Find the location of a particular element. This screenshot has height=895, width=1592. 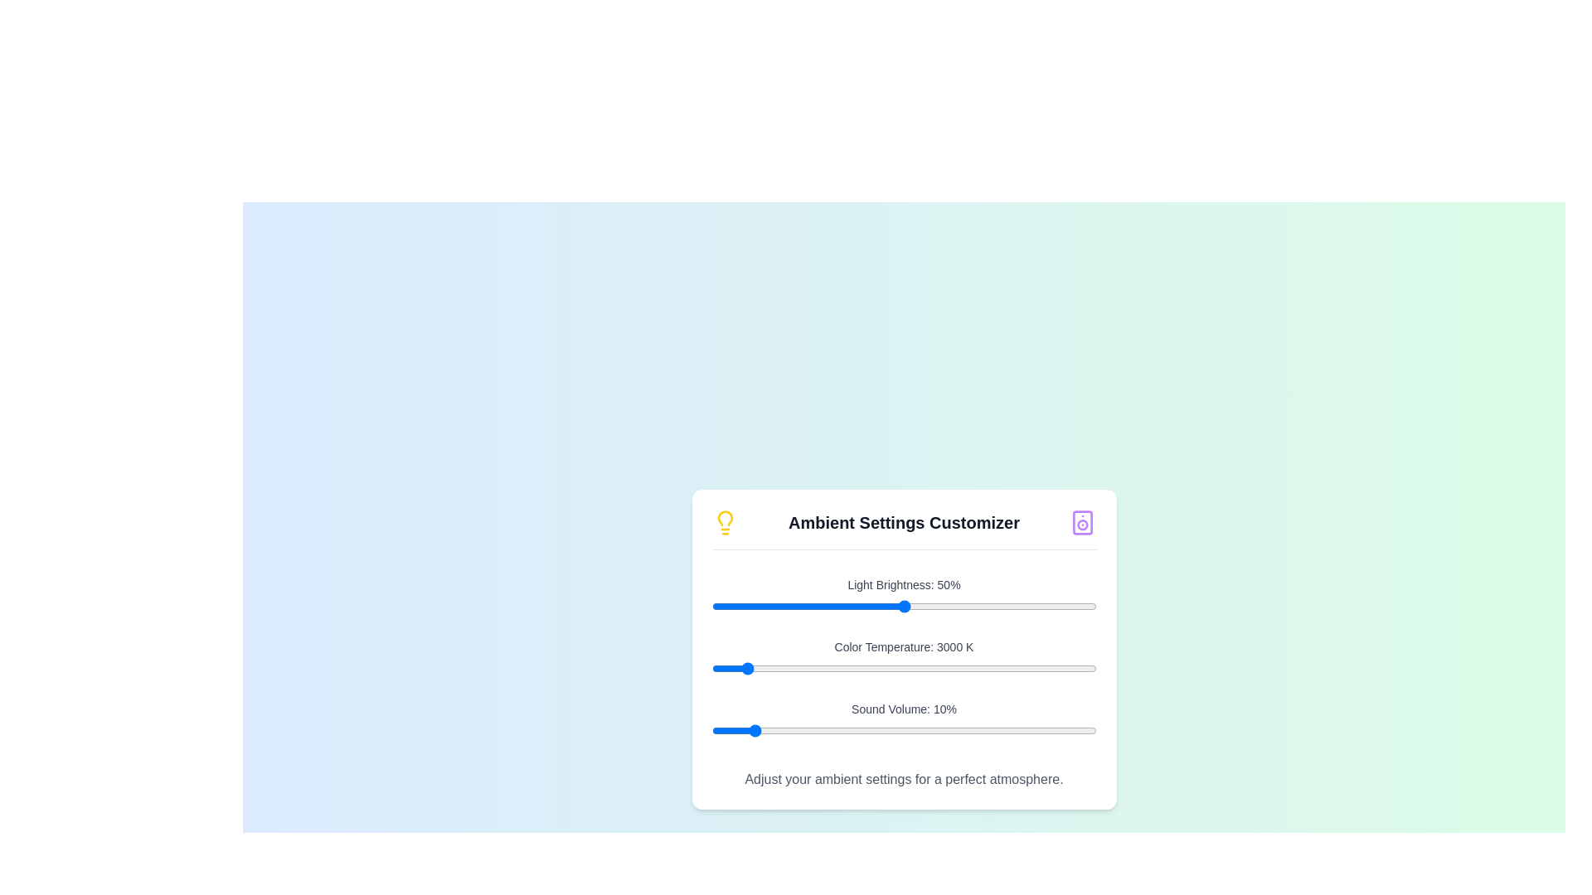

the centered text element that reads 'Adjust your ambient settings for a perfect atmosphere.' styled in gray, located at the bottom of the settings card is located at coordinates (903, 780).